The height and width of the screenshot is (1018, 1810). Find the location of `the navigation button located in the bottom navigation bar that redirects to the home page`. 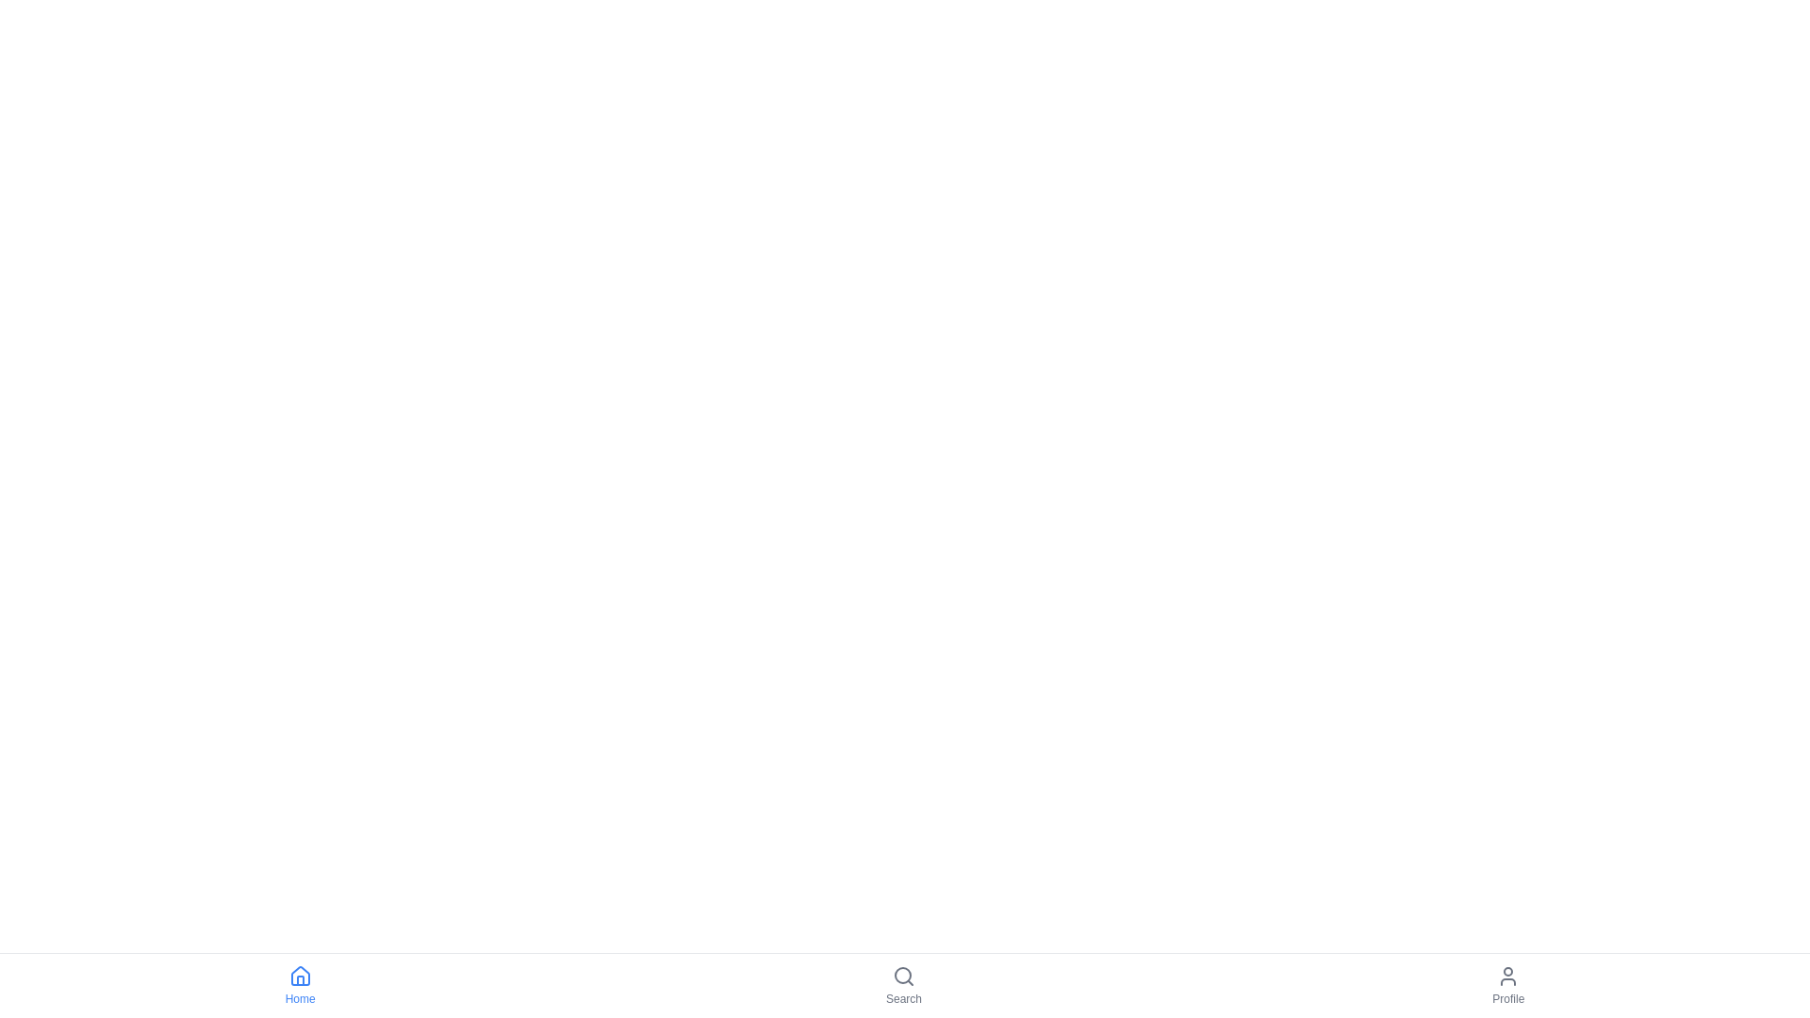

the navigation button located in the bottom navigation bar that redirects to the home page is located at coordinates (299, 984).